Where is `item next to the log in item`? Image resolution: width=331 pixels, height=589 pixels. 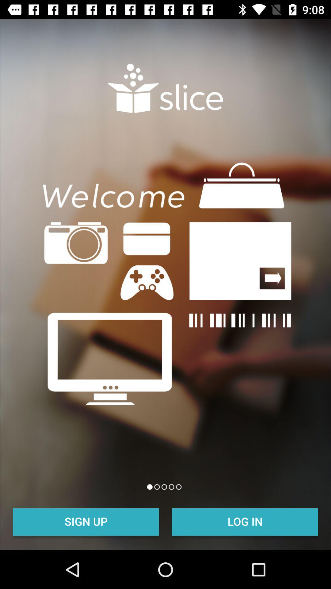
item next to the log in item is located at coordinates (86, 521).